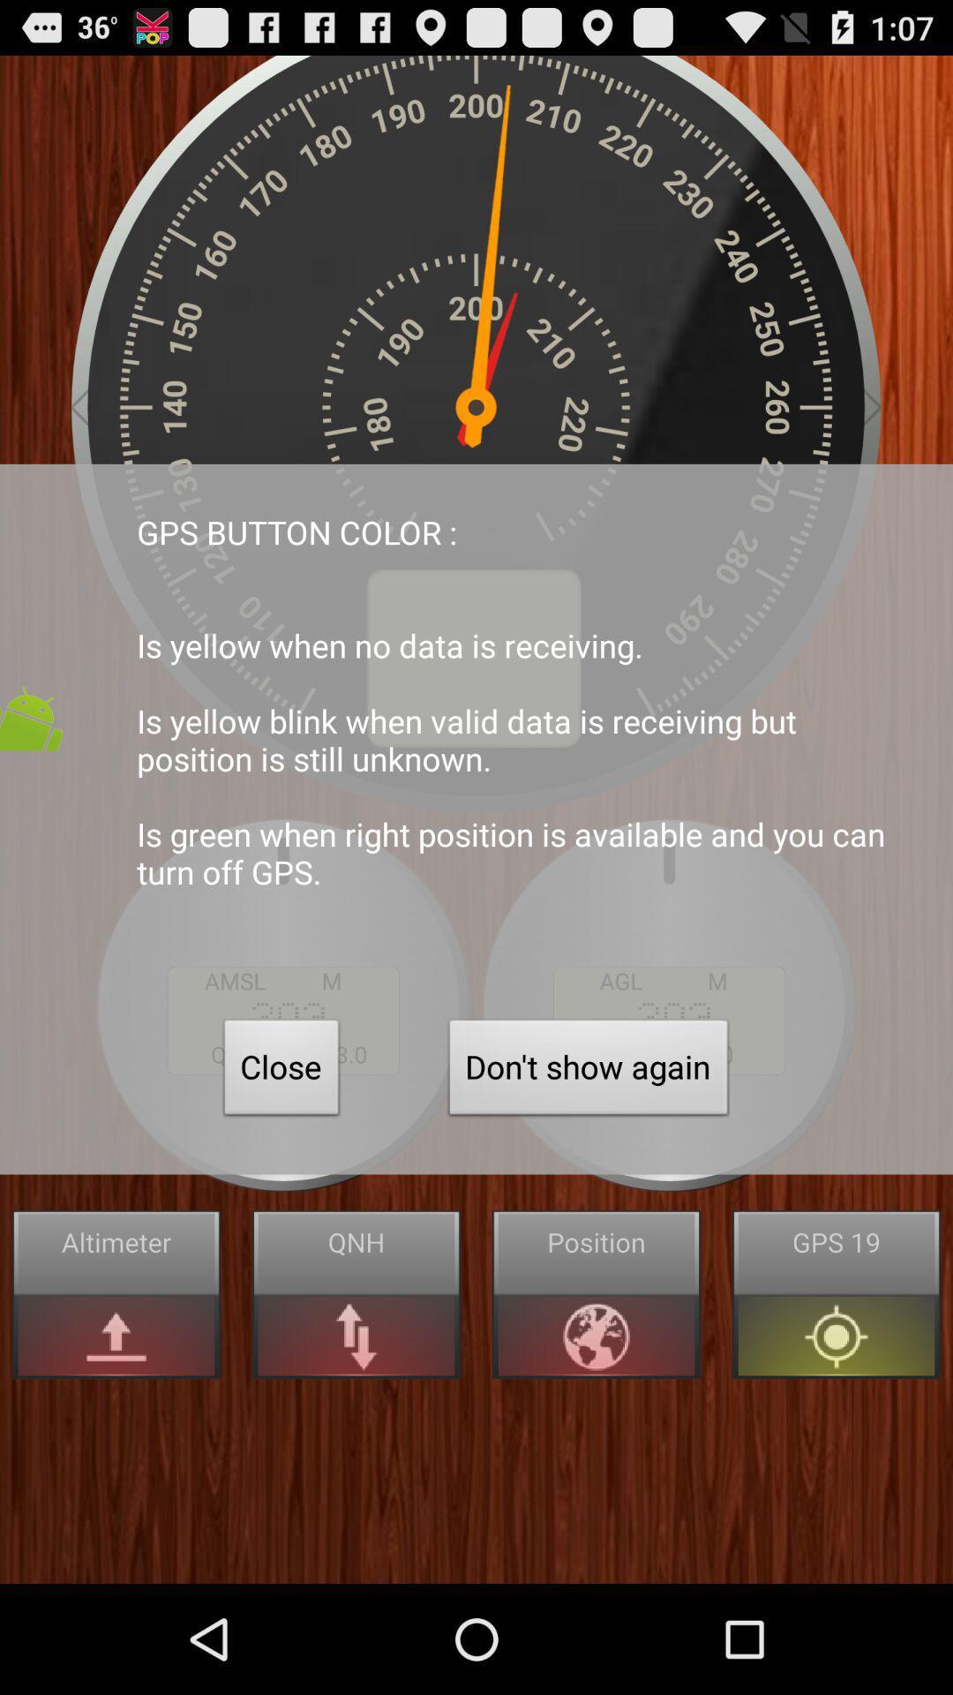  I want to click on the icon next to don t show, so click(281, 1071).